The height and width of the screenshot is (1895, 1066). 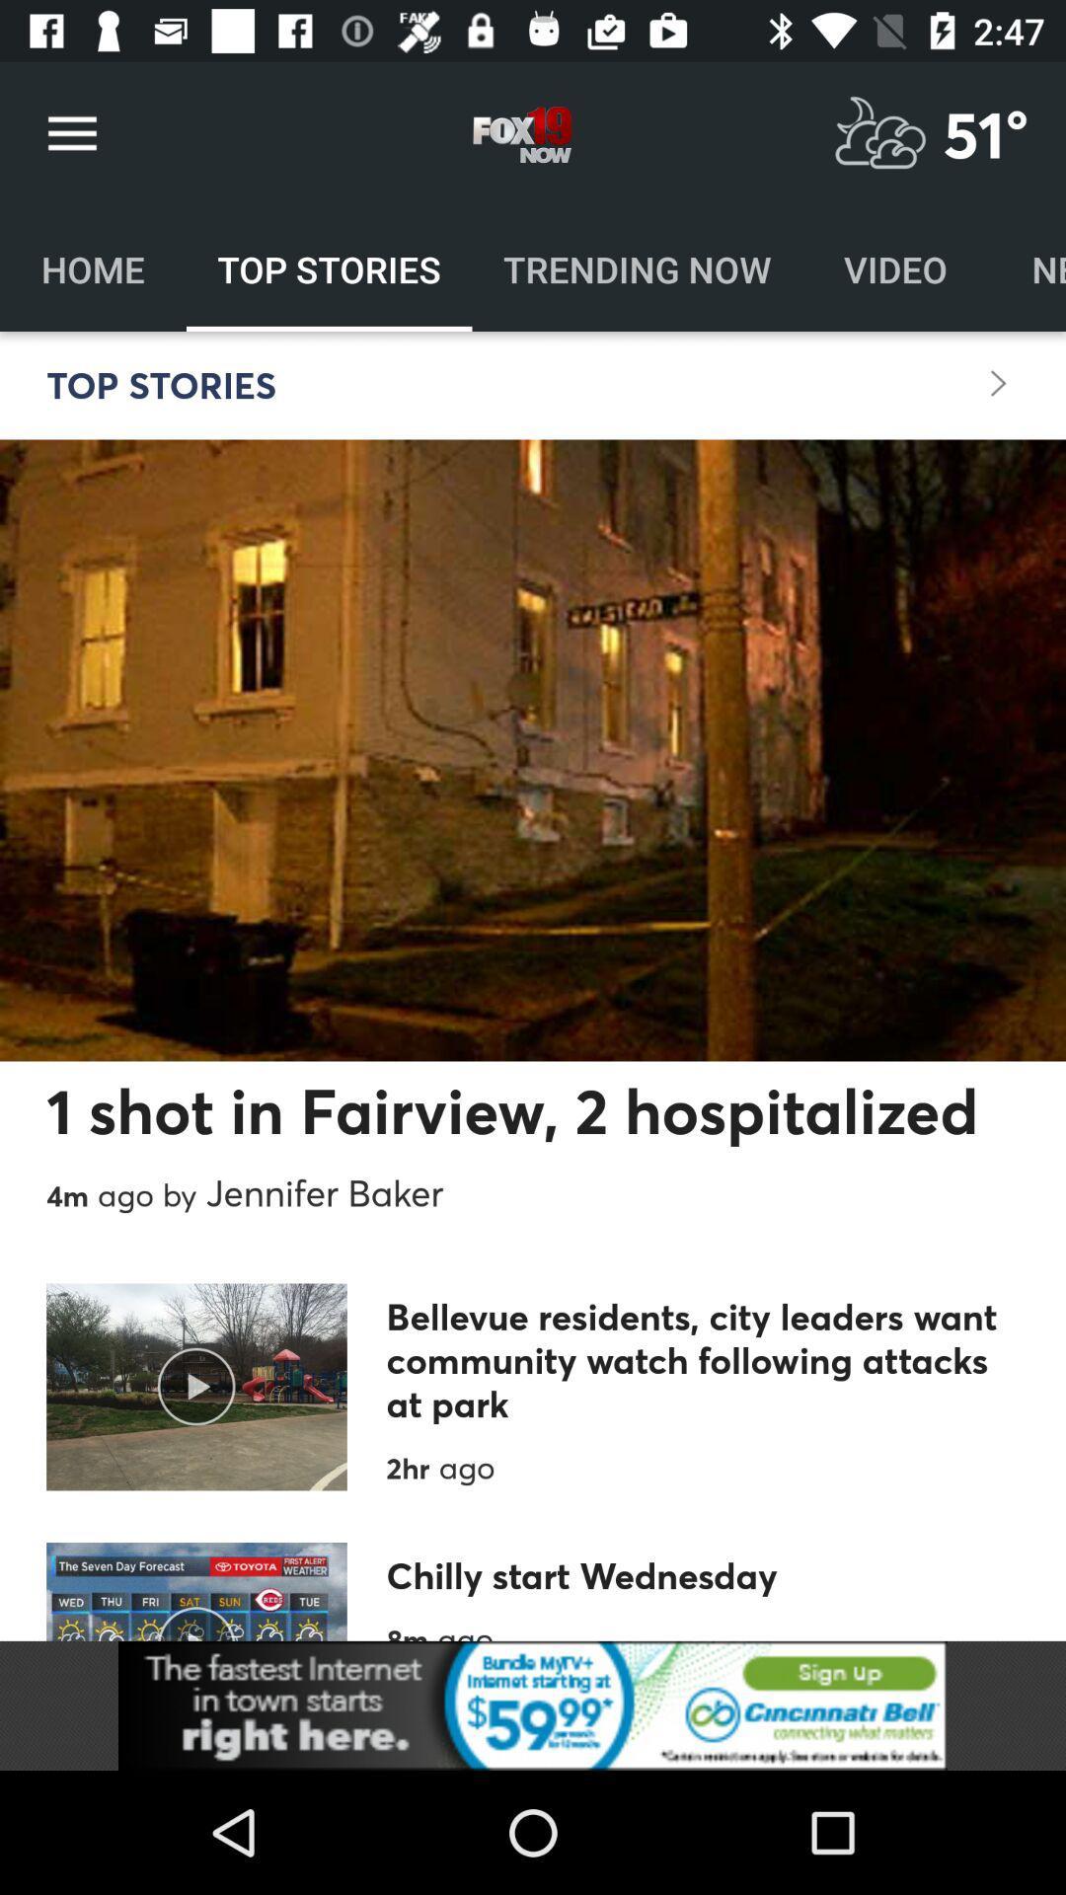 What do you see at coordinates (879, 133) in the screenshot?
I see `expand weather` at bounding box center [879, 133].